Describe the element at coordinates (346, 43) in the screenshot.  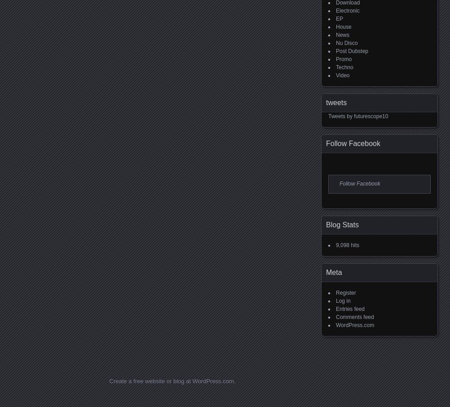
I see `'Nu Disco'` at that location.